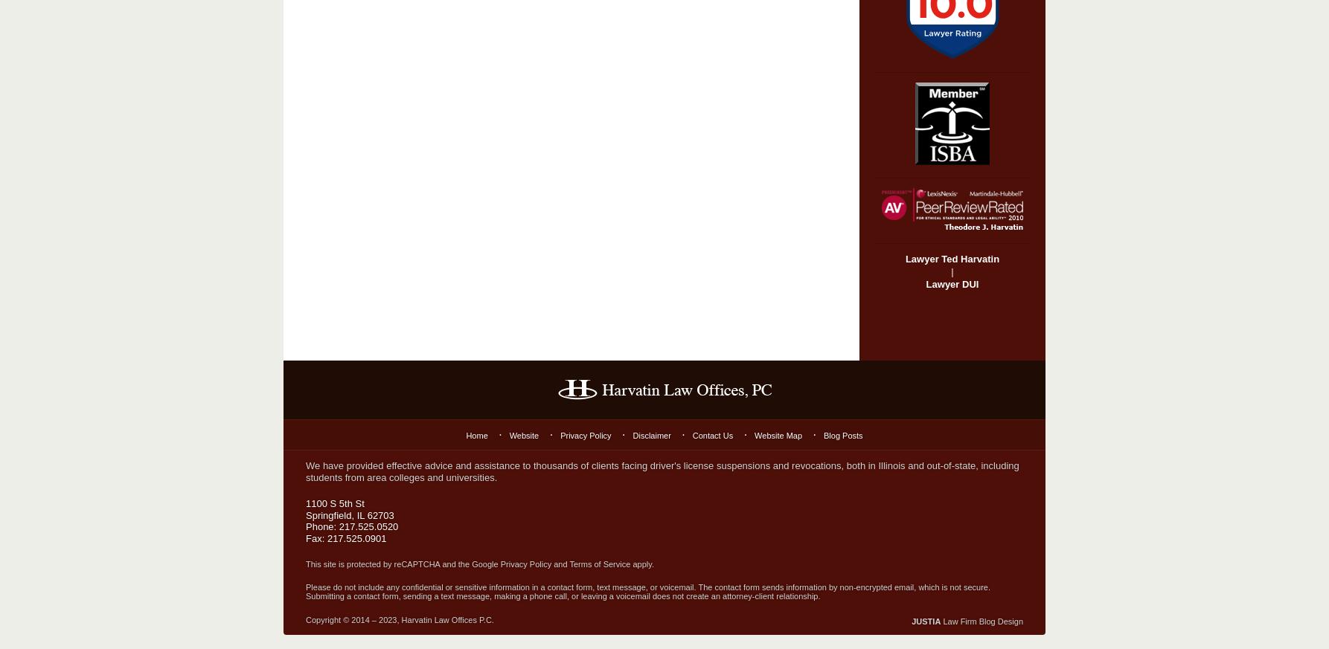 The width and height of the screenshot is (1329, 649). I want to click on 'Fax:', so click(316, 537).